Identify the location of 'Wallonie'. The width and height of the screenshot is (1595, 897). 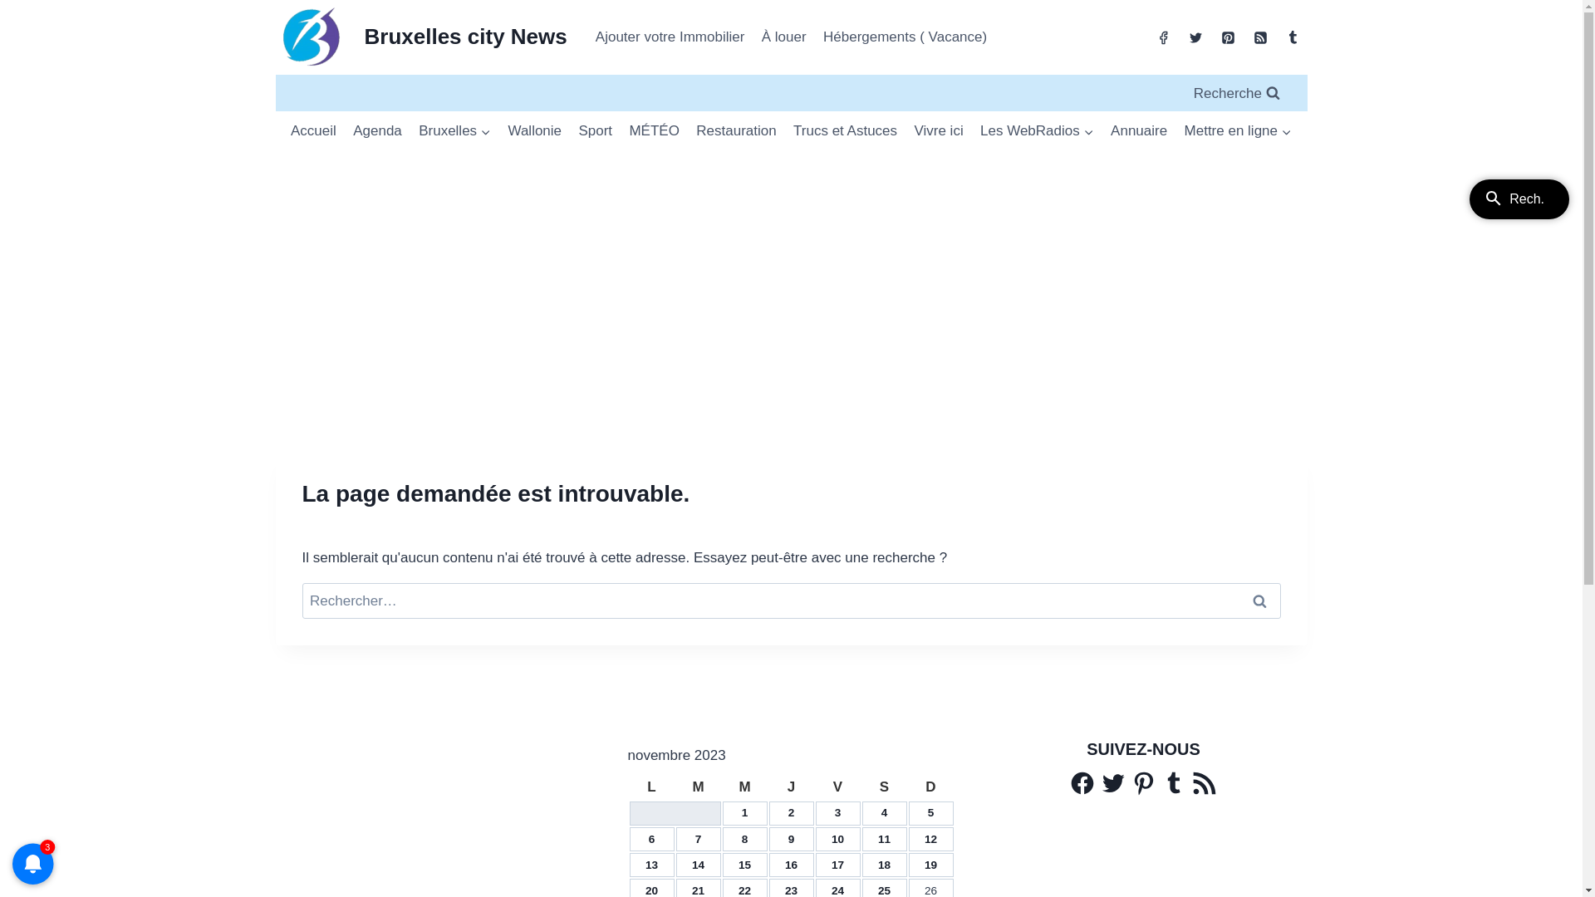
(534, 130).